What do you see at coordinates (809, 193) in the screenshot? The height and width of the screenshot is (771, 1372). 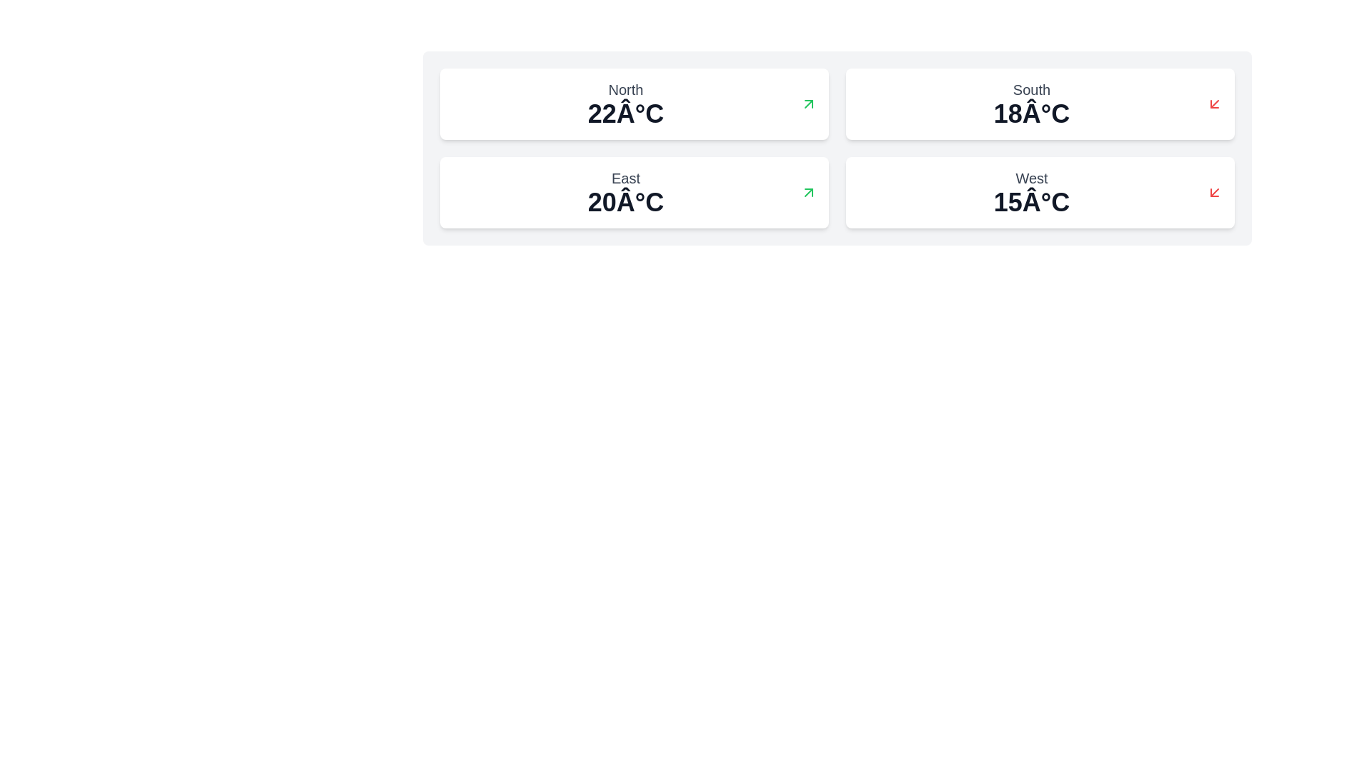 I see `the small upward-right pointing green arrow icon located at the far-right end of the rectangular card labeled 'East' and '20°C'` at bounding box center [809, 193].